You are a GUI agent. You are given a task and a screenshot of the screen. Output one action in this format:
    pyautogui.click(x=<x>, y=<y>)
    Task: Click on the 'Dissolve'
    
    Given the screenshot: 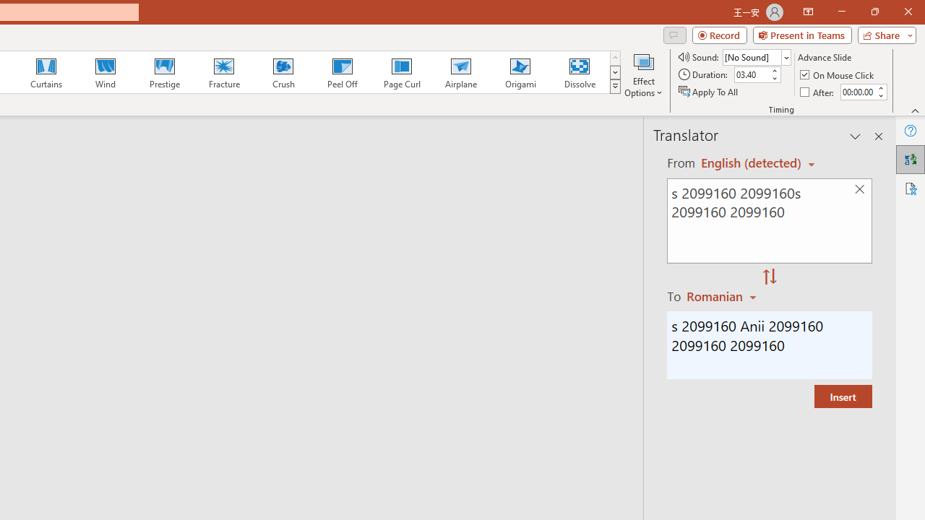 What is the action you would take?
    pyautogui.click(x=580, y=72)
    